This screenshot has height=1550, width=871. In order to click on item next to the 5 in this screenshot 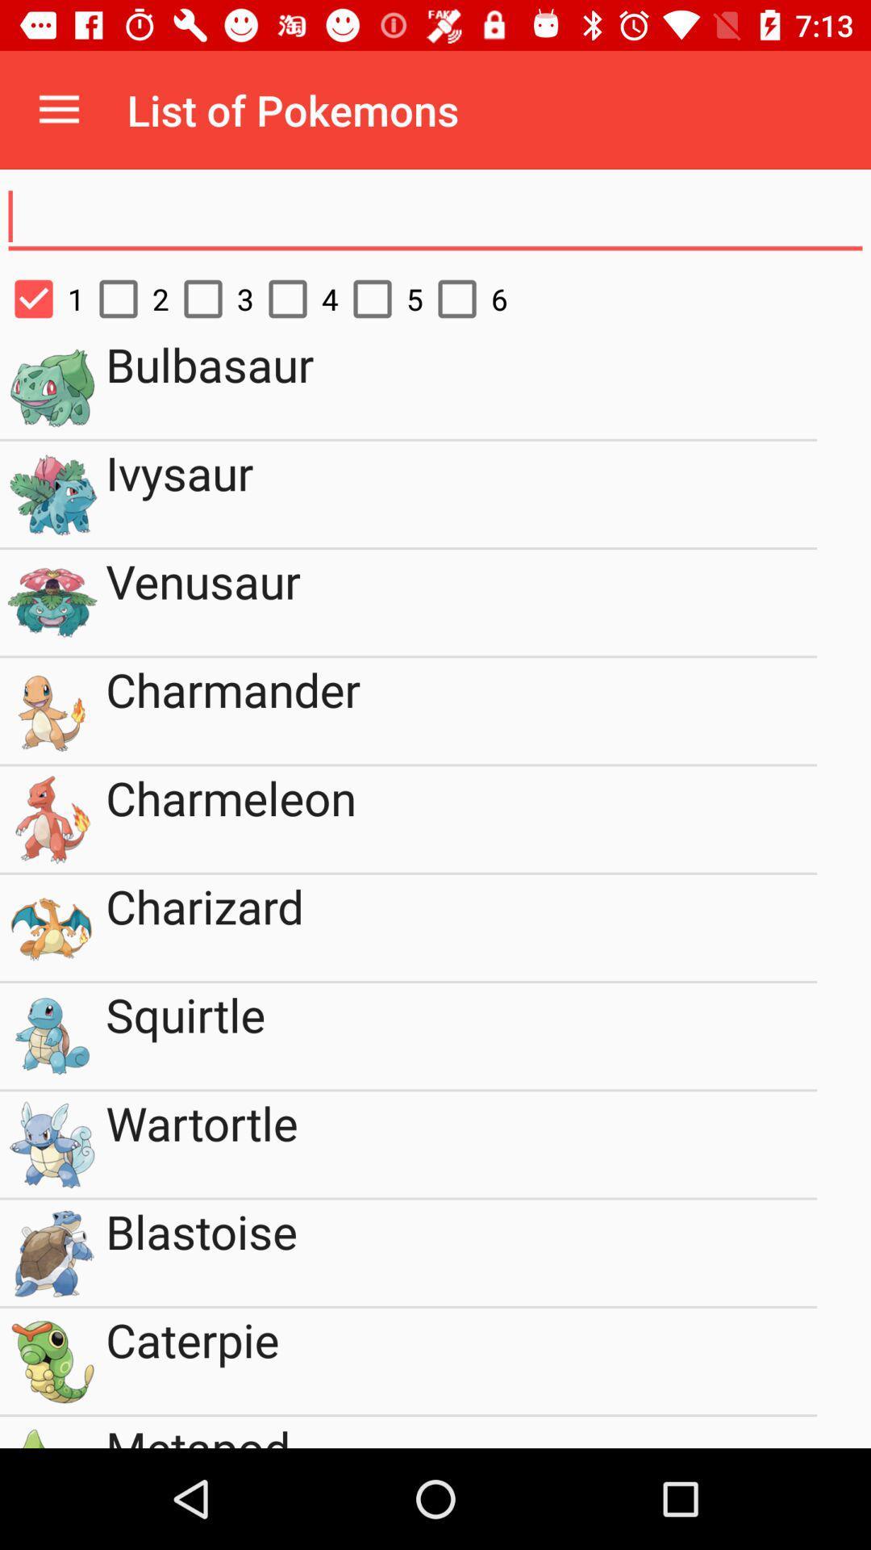, I will do `click(465, 299)`.